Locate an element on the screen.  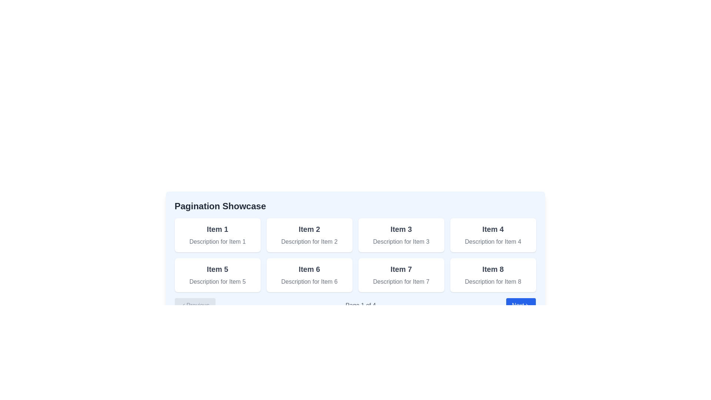
the Text label element displaying 'Item 7', which is styled with a large bold font in dark gray color, located within the white card structure is located at coordinates (401, 269).